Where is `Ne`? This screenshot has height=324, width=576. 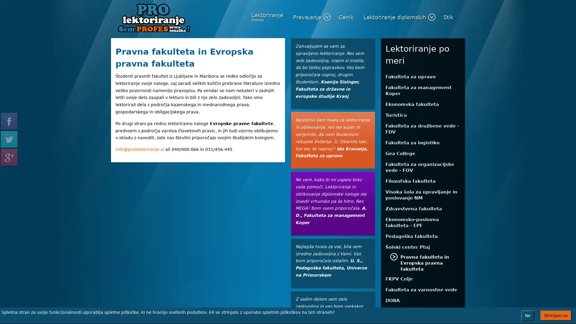 Ne is located at coordinates (527, 315).